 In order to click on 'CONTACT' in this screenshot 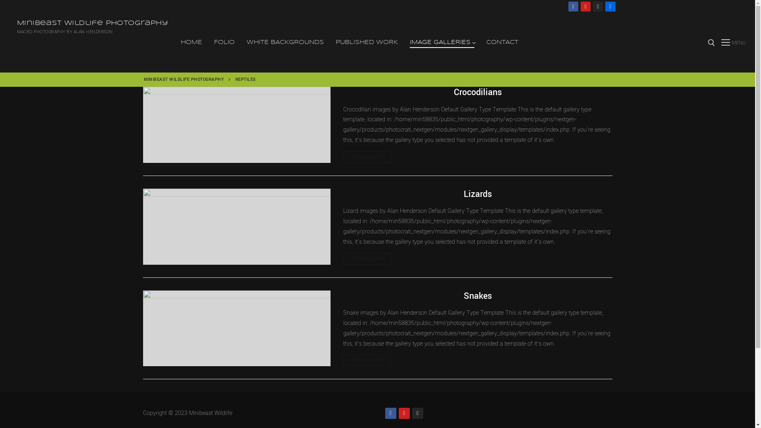, I will do `click(481, 43)`.